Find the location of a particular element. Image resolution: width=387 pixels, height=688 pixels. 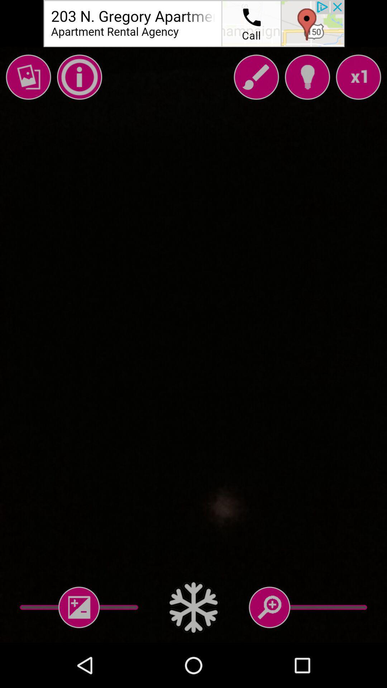

the settings icon is located at coordinates (193, 607).